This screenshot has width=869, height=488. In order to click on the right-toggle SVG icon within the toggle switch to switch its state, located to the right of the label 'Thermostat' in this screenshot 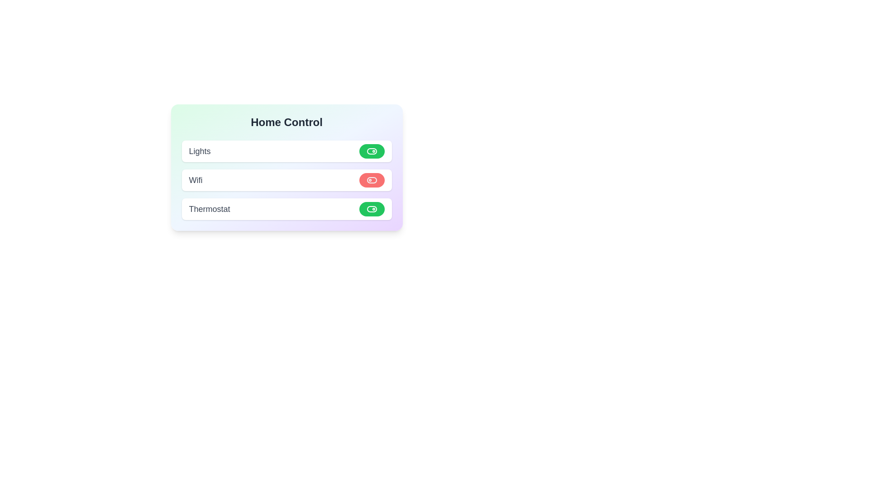, I will do `click(372, 209)`.